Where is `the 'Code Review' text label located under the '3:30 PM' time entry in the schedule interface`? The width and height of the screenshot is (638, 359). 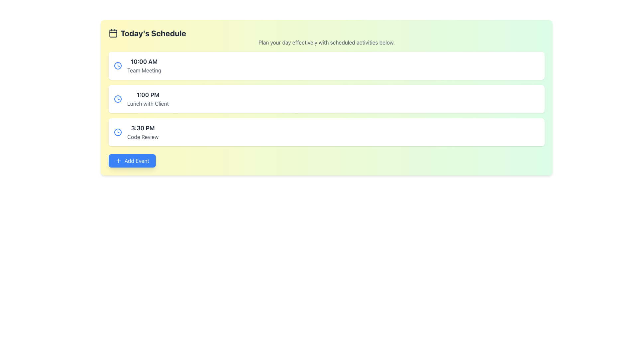 the 'Code Review' text label located under the '3:30 PM' time entry in the schedule interface is located at coordinates (143, 137).